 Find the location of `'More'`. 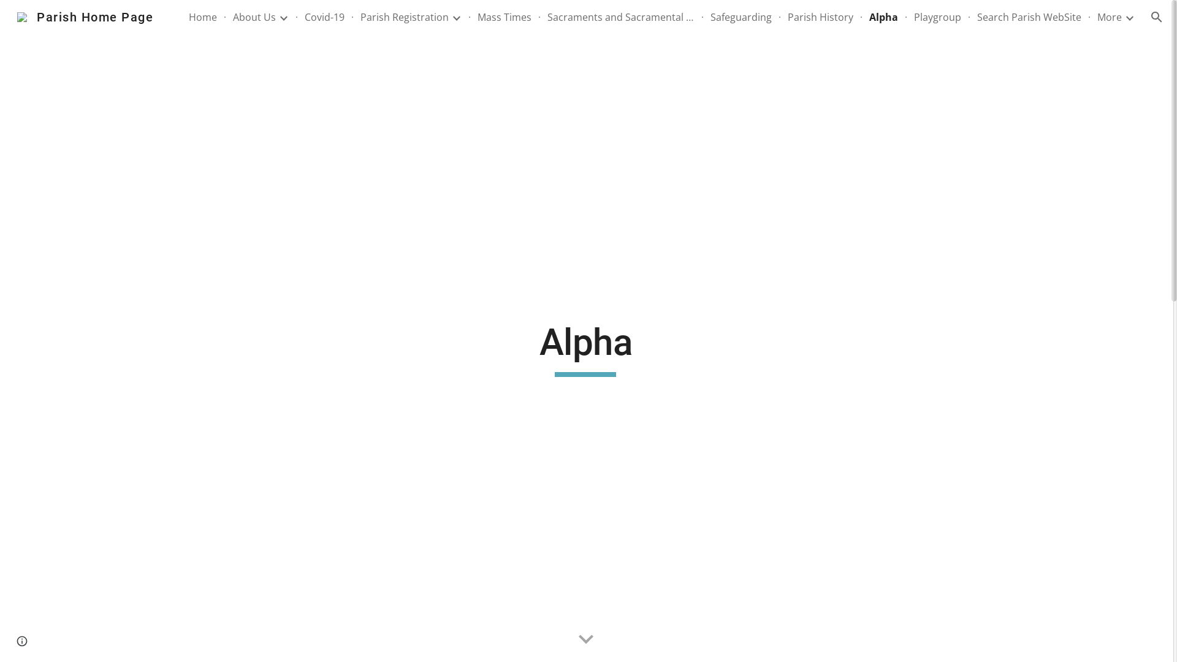

'More' is located at coordinates (1097, 17).